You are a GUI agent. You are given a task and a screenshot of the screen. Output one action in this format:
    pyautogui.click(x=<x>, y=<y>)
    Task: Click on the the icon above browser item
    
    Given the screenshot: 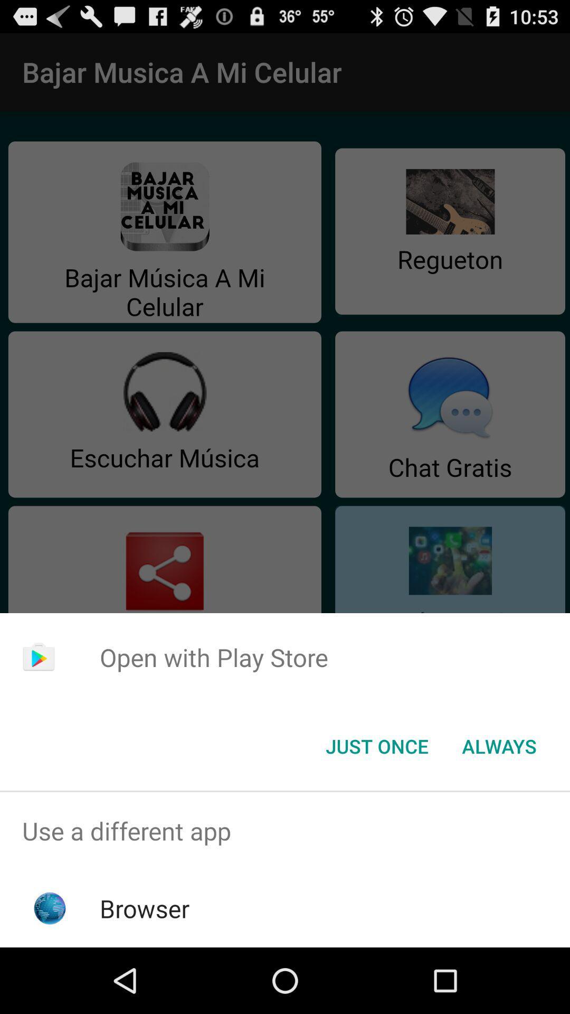 What is the action you would take?
    pyautogui.click(x=285, y=830)
    